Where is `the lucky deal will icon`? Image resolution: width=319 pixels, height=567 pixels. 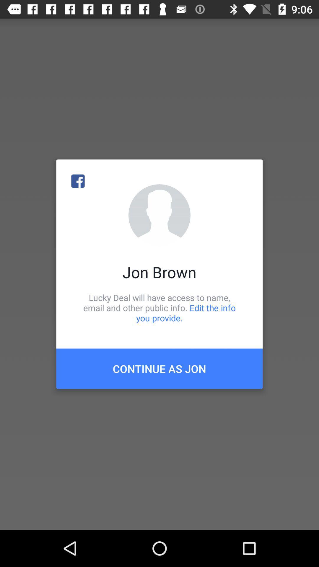 the lucky deal will icon is located at coordinates (159, 307).